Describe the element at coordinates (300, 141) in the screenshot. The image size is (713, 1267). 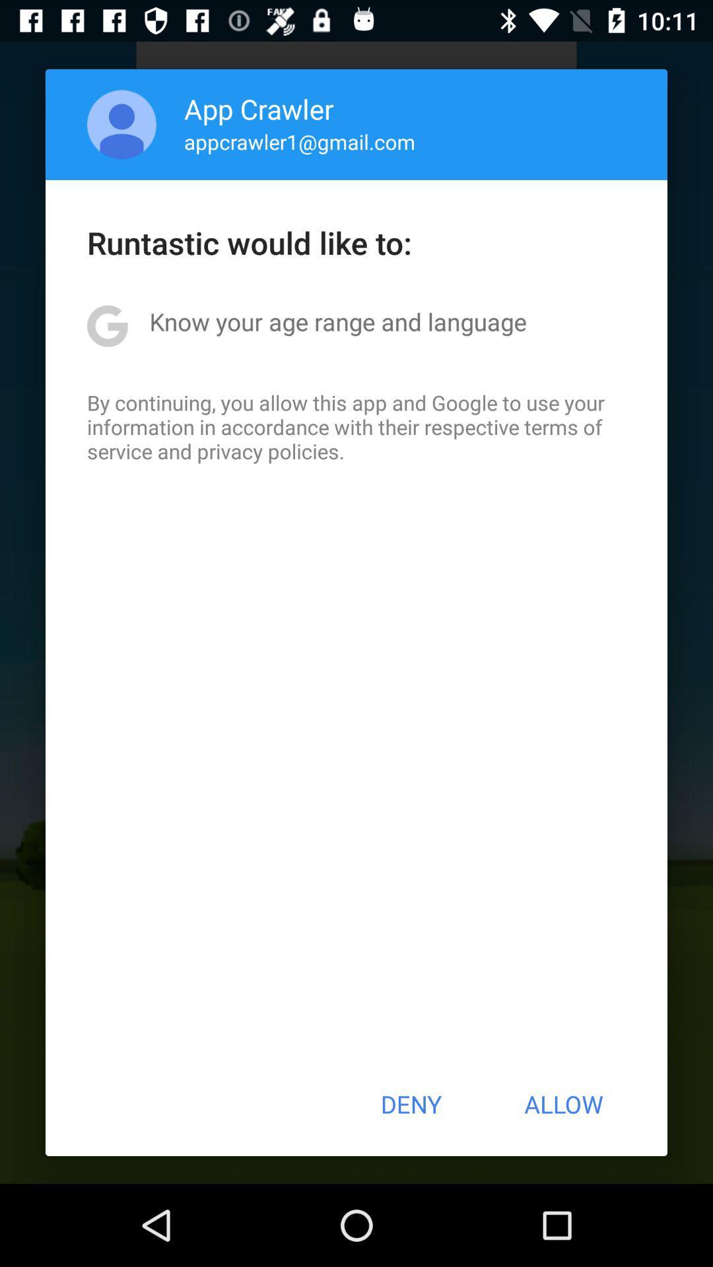
I see `the appcrawler1@gmail.com item` at that location.